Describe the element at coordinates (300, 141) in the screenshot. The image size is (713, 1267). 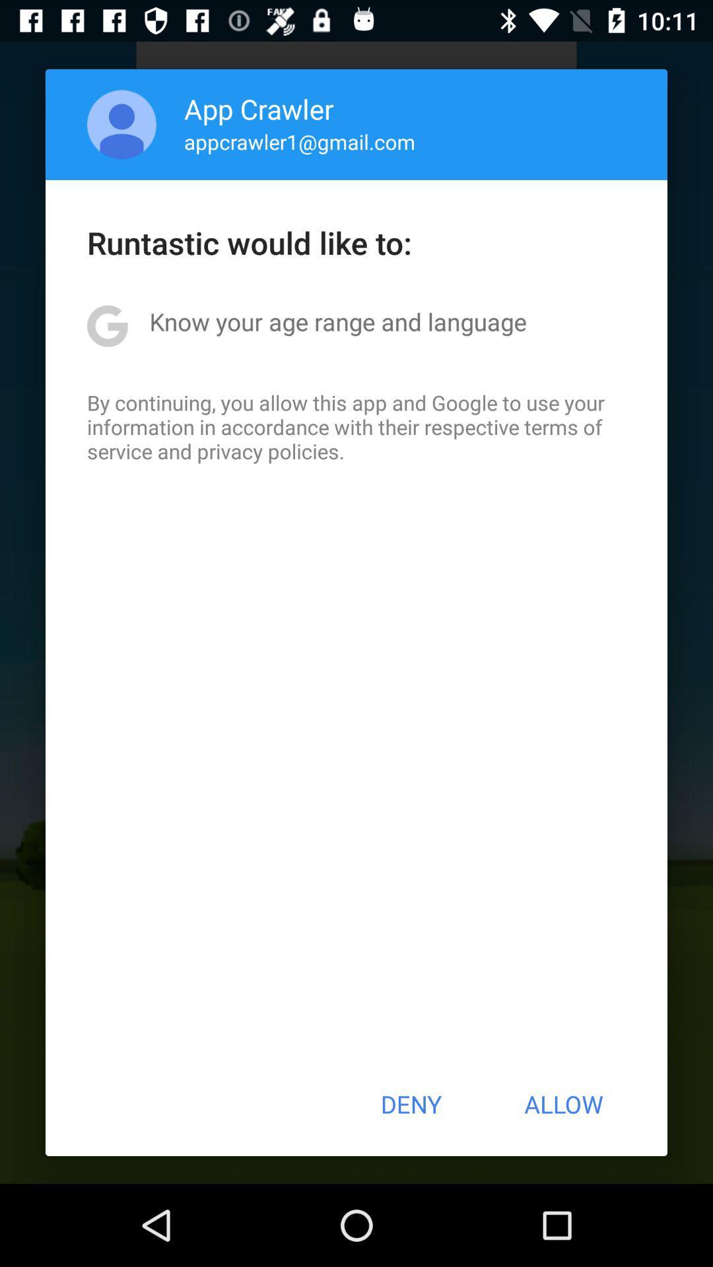
I see `the appcrawler1@gmail.com item` at that location.